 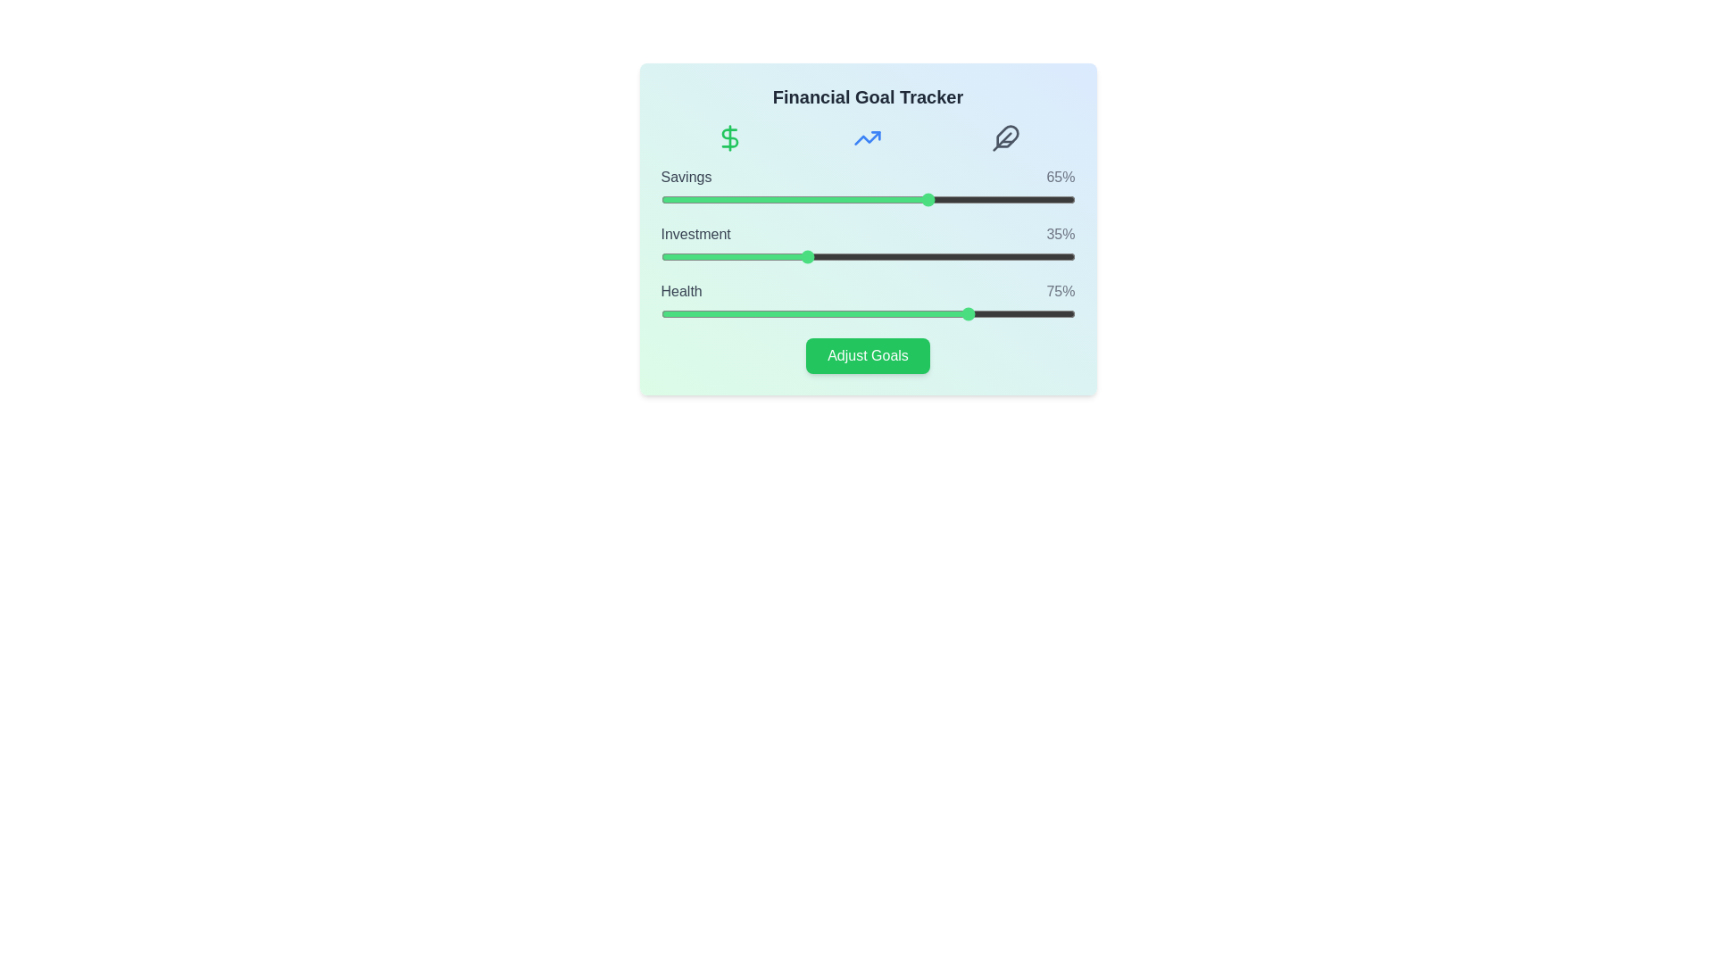 What do you see at coordinates (868, 137) in the screenshot?
I see `the icon representing TrendingUp` at bounding box center [868, 137].